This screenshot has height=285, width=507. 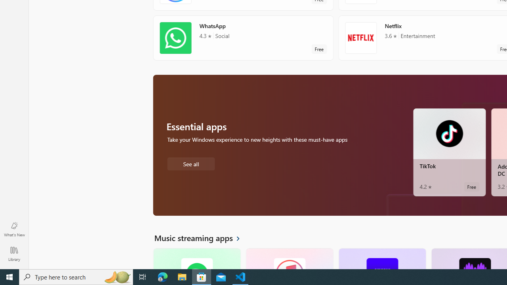 I want to click on 'iTunes. Average rating of 2.5 out of five stars. Free  ', so click(x=289, y=258).